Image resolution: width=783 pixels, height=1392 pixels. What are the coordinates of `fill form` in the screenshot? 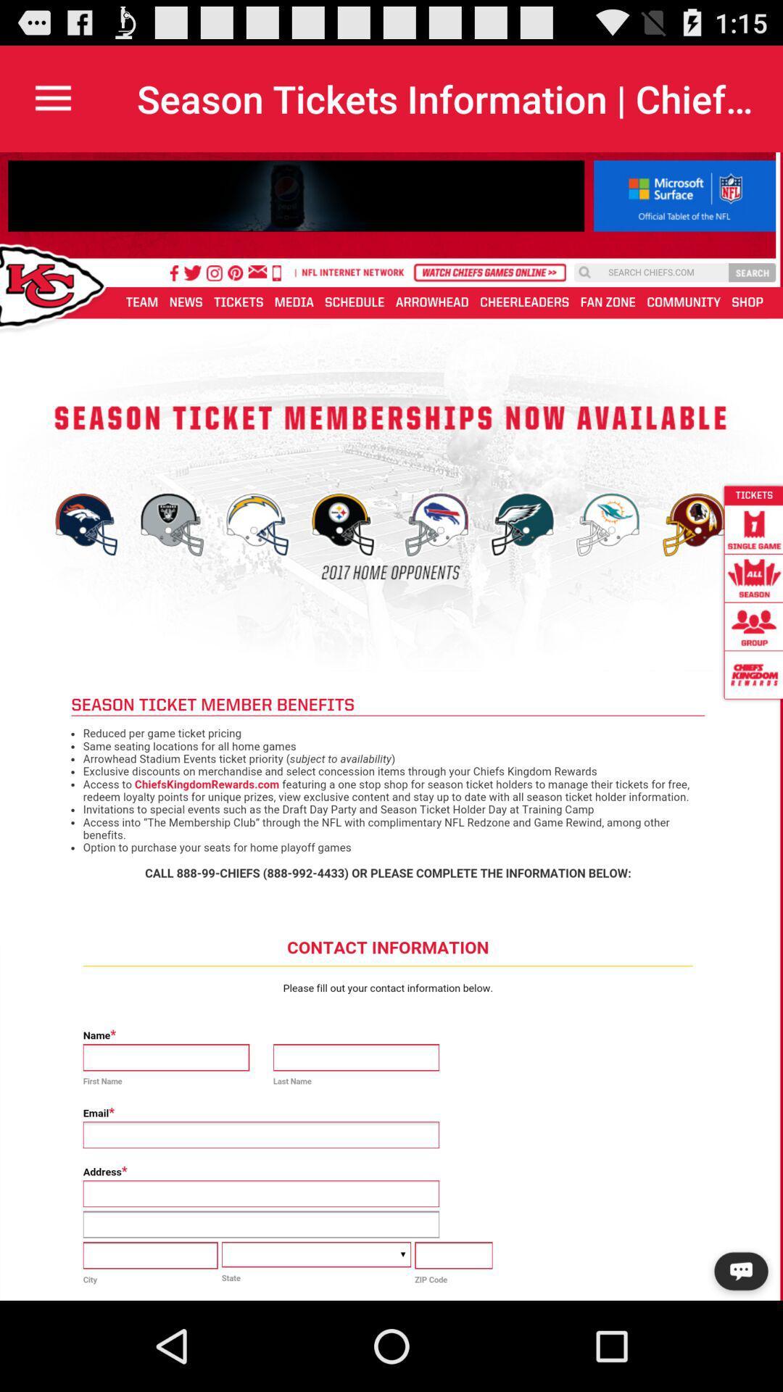 It's located at (391, 726).